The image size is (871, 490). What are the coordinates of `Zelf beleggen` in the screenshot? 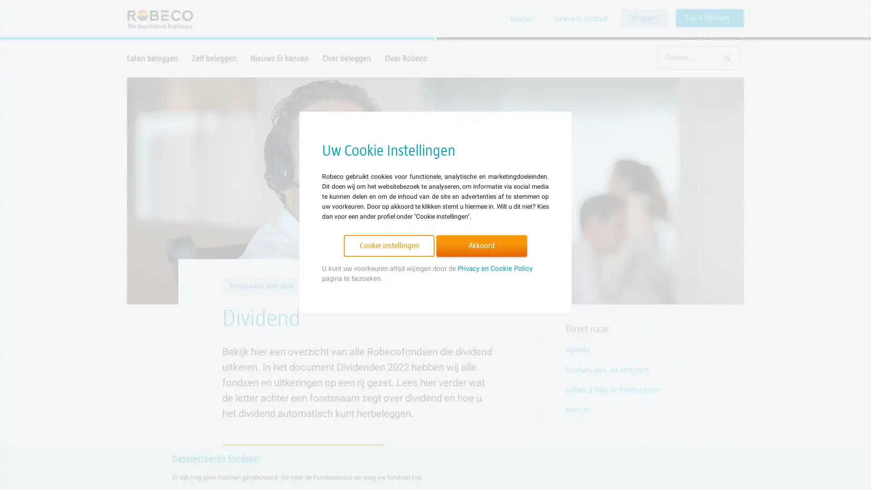 It's located at (214, 58).